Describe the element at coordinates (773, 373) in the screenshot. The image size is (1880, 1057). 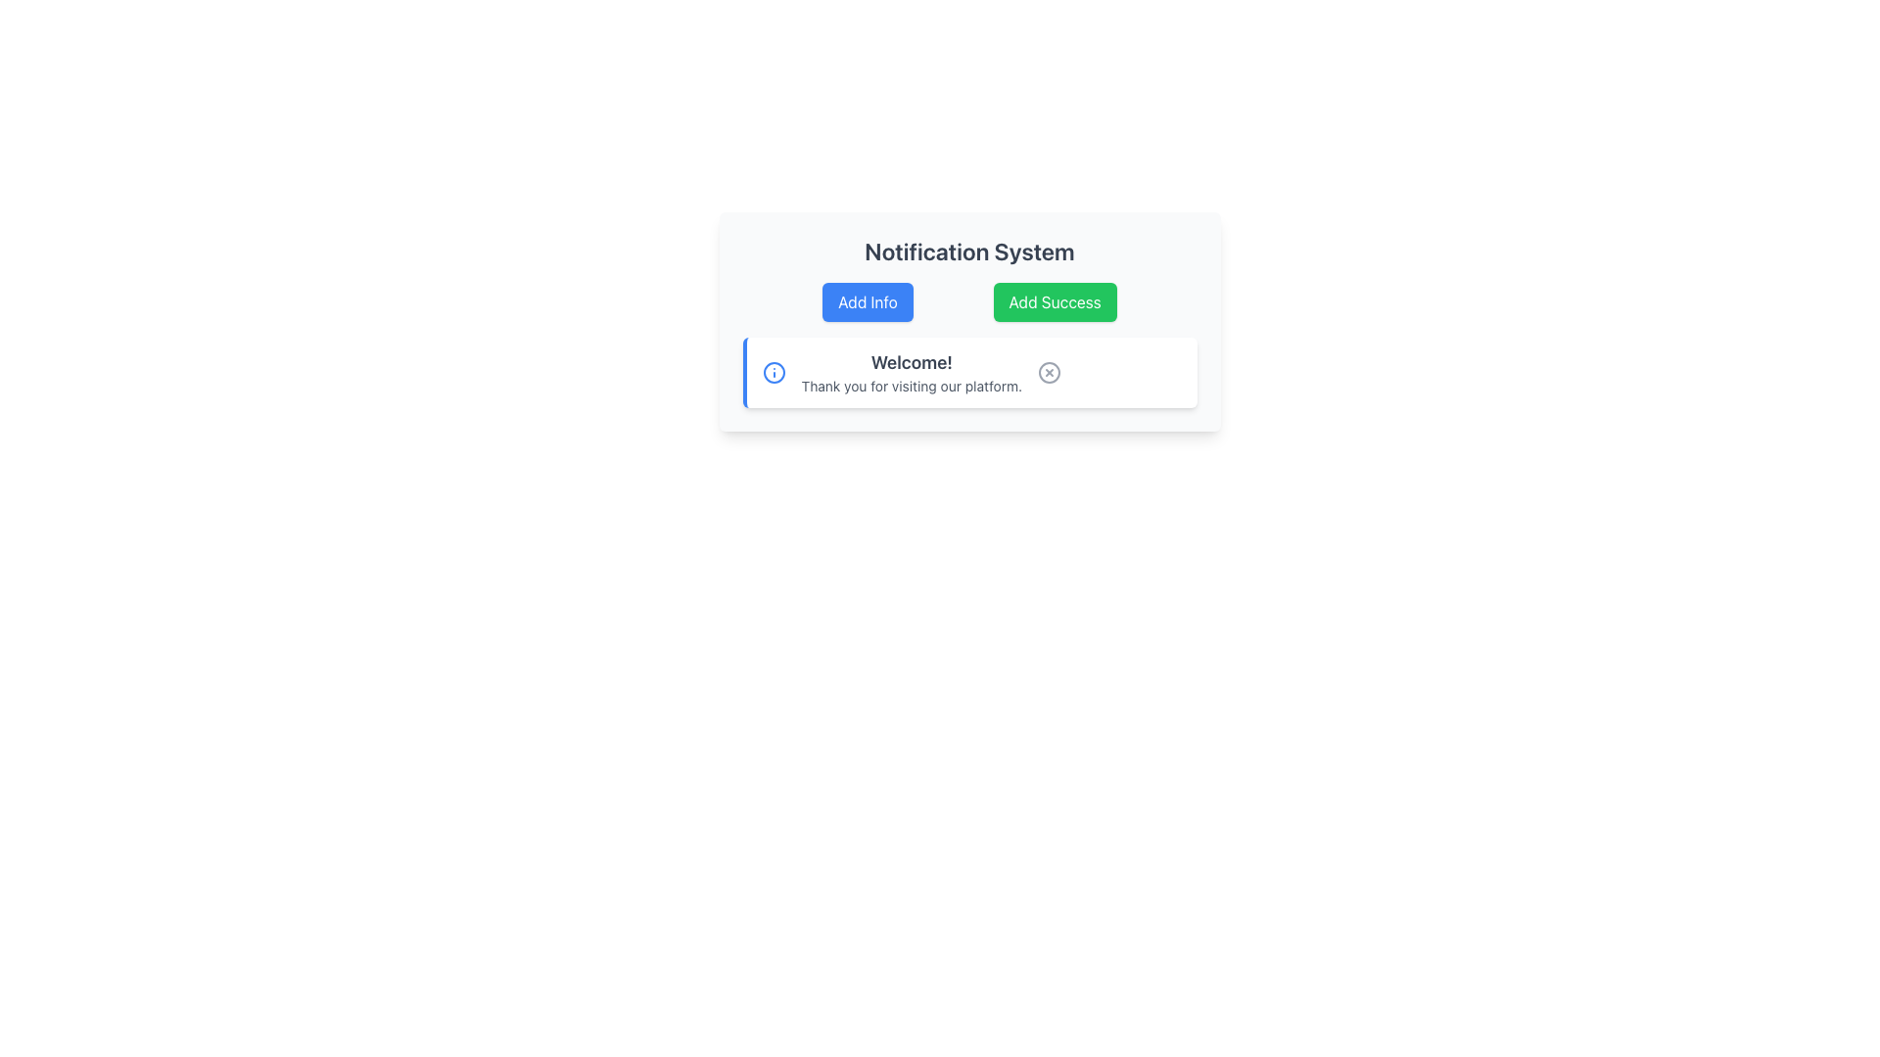
I see `the information icon, which is a circular icon with a blue outline located at the beginning of a notification box, to the left of the title 'Welcome!'` at that location.